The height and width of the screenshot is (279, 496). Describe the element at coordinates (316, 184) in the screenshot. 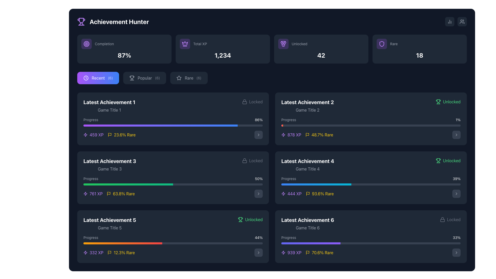

I see `the progress visually on the progress bar segment for 'Latest Achievement 4' located in the lower right section of the interface` at that location.